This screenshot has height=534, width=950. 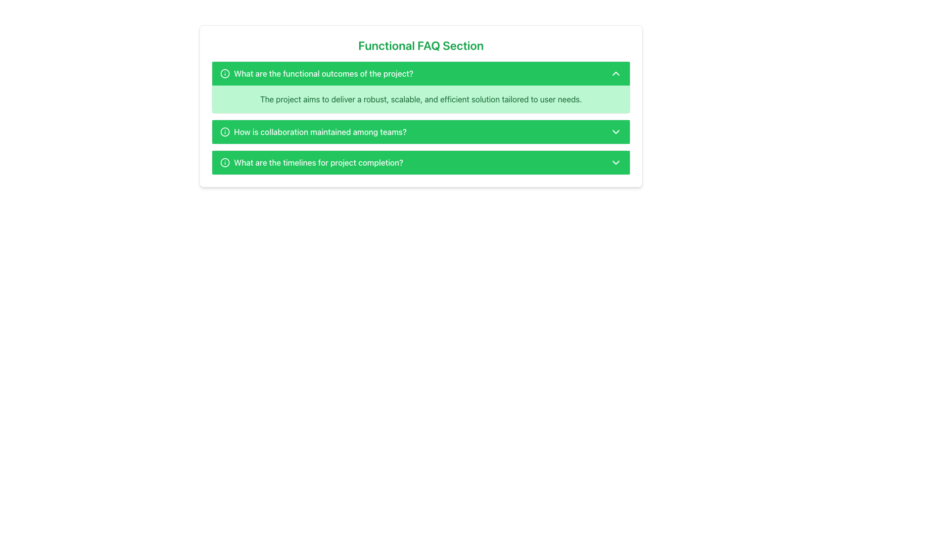 I want to click on the Collapsible FAQ toggle button labeled 'What are the timelines for project completion?', so click(x=421, y=162).